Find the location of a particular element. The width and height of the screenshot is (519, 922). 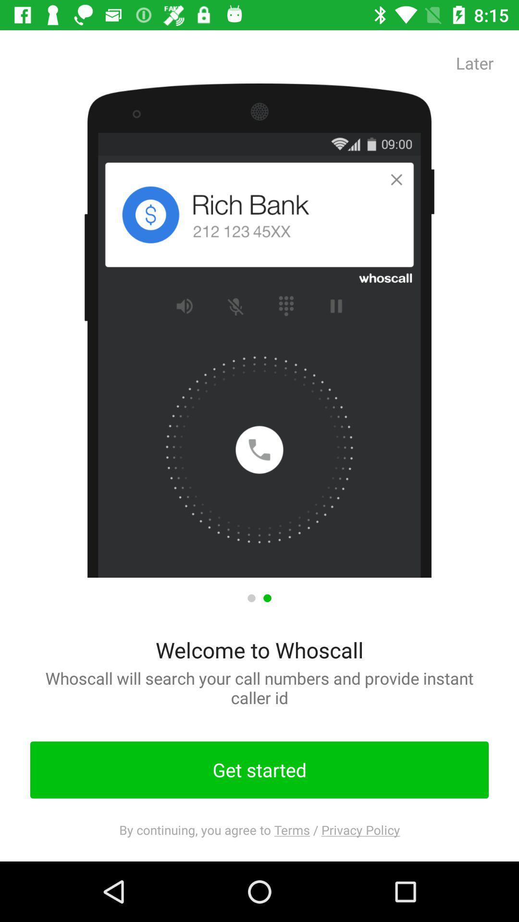

the app at the top right corner is located at coordinates (474, 62).